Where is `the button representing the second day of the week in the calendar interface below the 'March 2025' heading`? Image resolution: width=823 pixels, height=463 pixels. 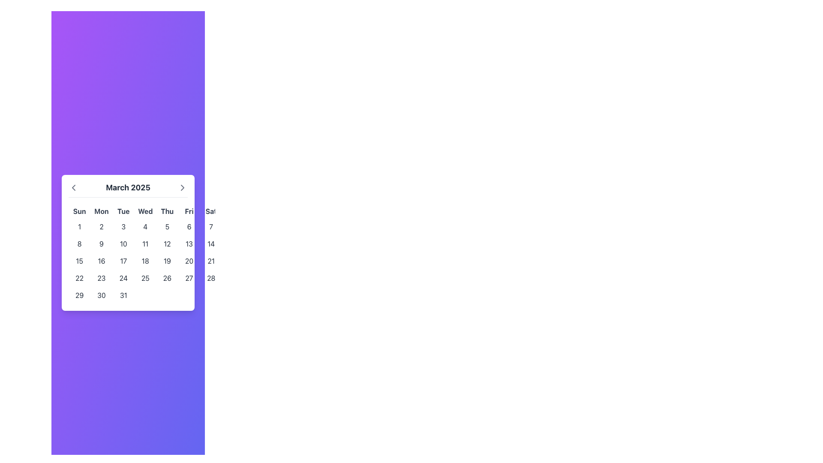 the button representing the second day of the week in the calendar interface below the 'March 2025' heading is located at coordinates (101, 226).